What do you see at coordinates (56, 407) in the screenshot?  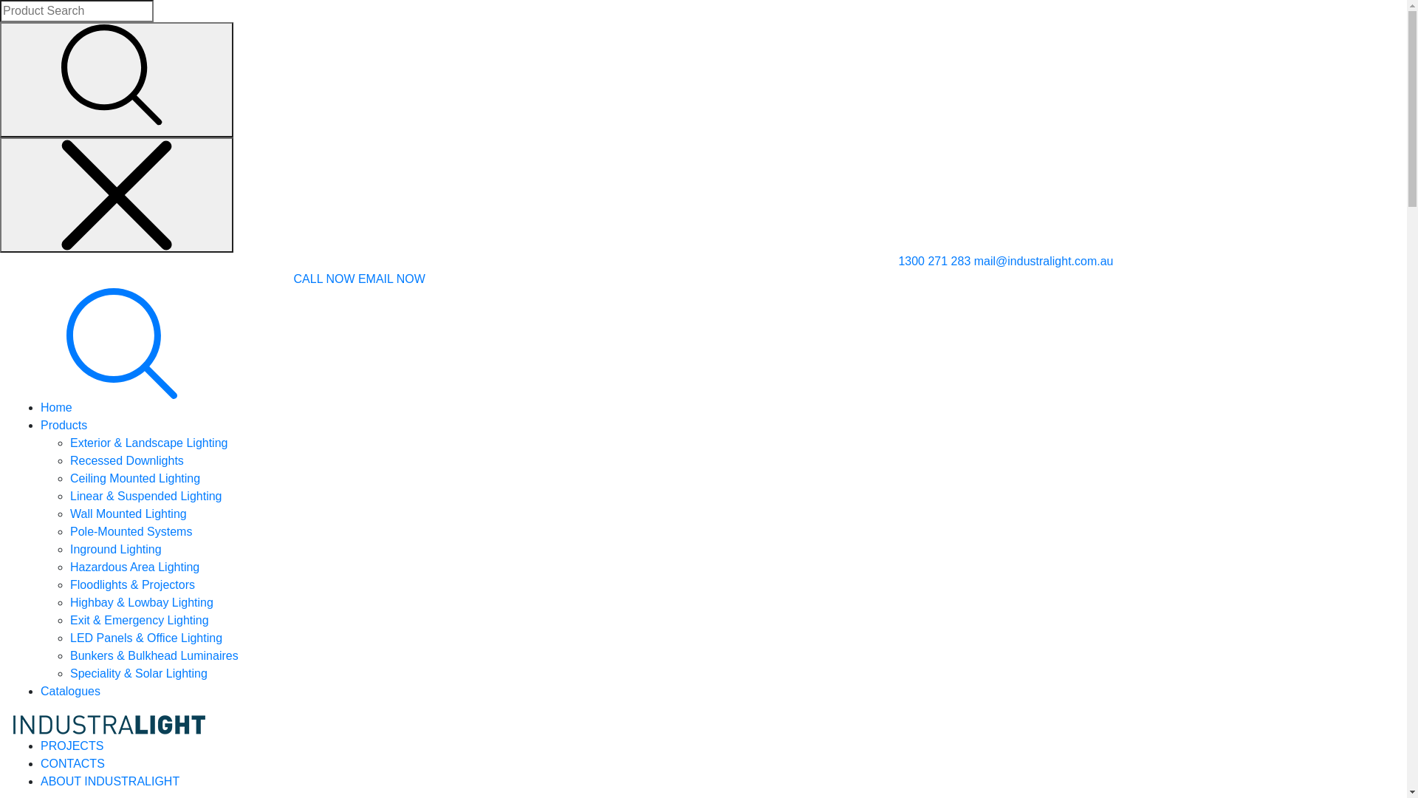 I see `'Home'` at bounding box center [56, 407].